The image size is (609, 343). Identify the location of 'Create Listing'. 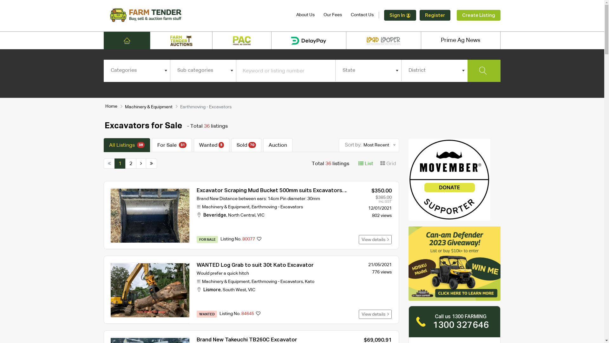
(457, 15).